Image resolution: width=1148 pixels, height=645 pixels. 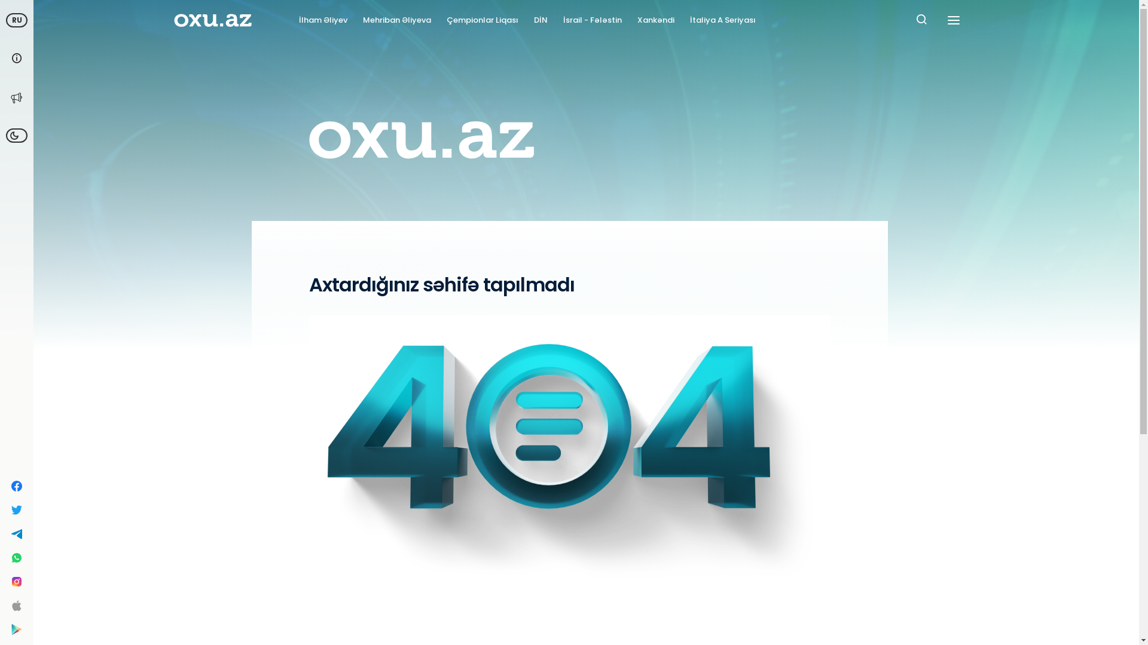 I want to click on 'RU', so click(x=17, y=20).